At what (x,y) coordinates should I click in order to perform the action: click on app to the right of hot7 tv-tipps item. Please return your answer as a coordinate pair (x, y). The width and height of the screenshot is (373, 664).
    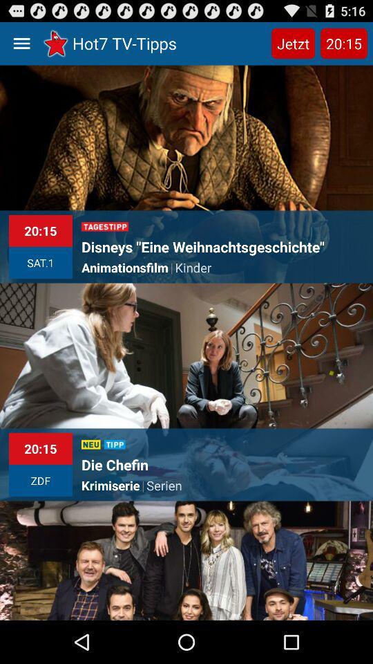
    Looking at the image, I should click on (292, 43).